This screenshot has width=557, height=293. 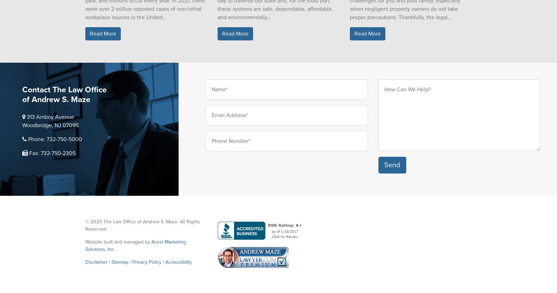 What do you see at coordinates (51, 153) in the screenshot?
I see `'Fax: 732-750-2305'` at bounding box center [51, 153].